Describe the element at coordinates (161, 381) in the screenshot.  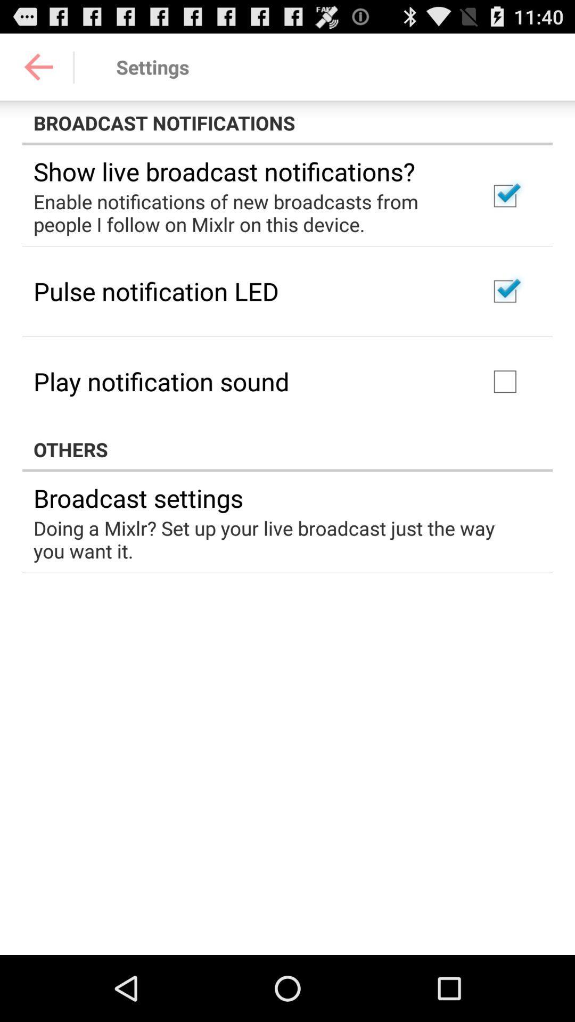
I see `play notification sound item` at that location.